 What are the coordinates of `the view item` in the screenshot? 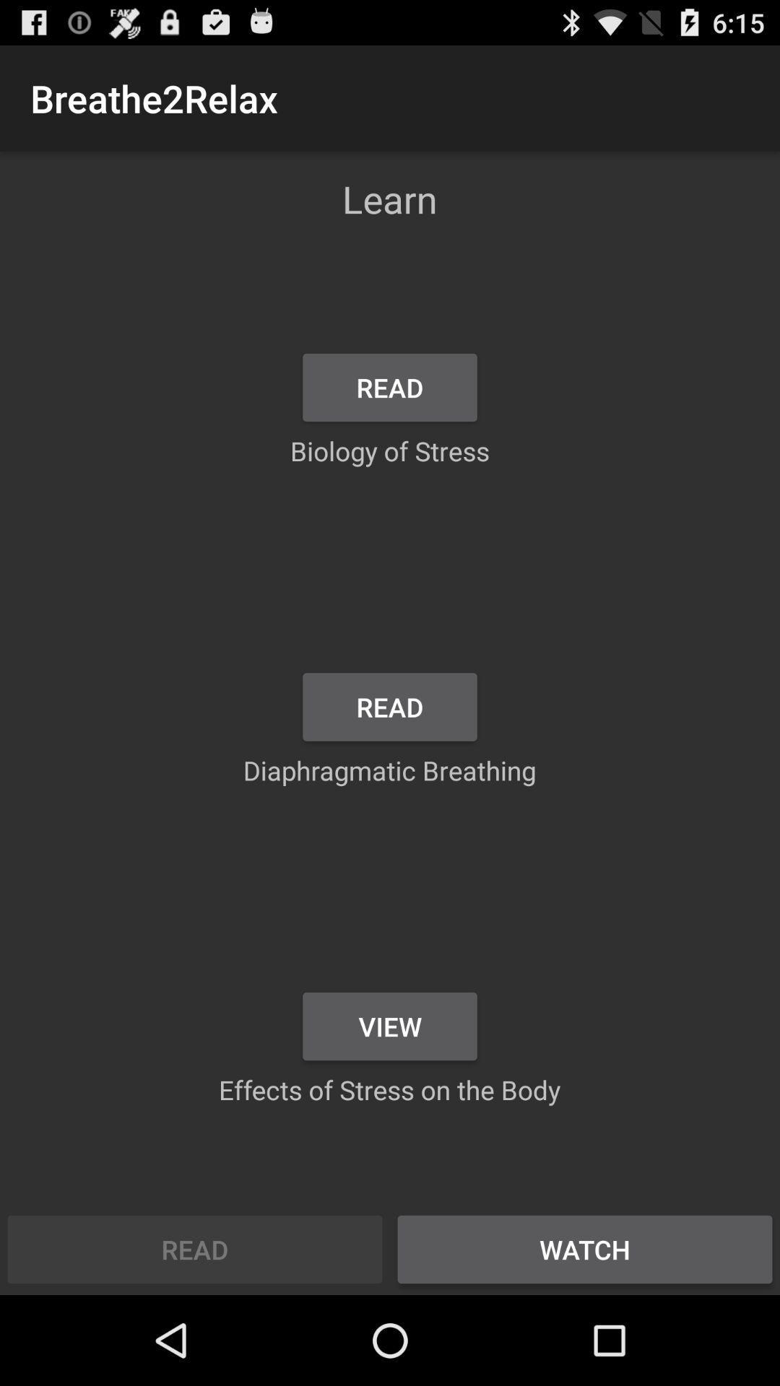 It's located at (390, 1025).